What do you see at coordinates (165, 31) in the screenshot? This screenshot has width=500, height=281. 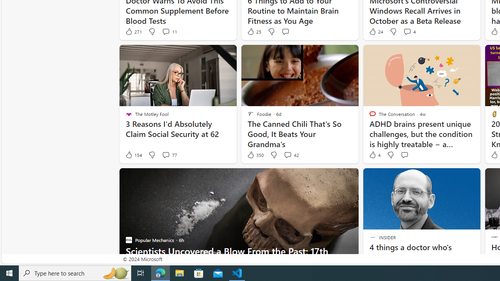 I see `'View comments 11 Comment'` at bounding box center [165, 31].